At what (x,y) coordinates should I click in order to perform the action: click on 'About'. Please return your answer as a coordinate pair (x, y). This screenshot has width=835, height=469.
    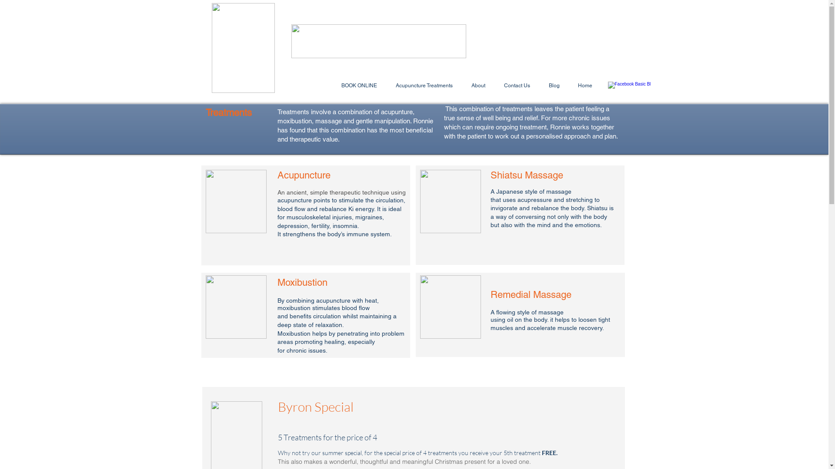
    Looking at the image, I should click on (461, 86).